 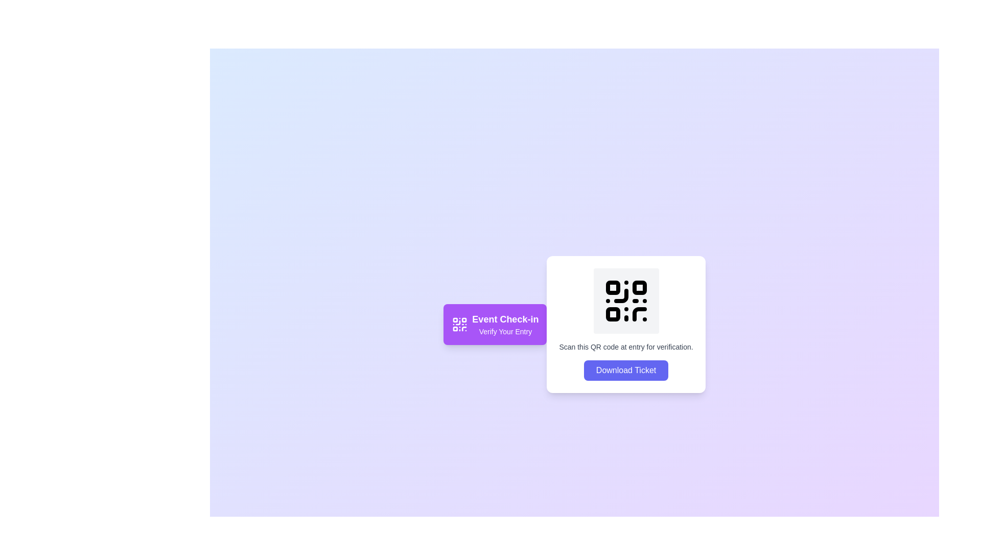 I want to click on the text label that displays 'Verify Your Entry' in white on a purple background, located below 'Event Check-in' within a card-like structure, so click(x=505, y=331).